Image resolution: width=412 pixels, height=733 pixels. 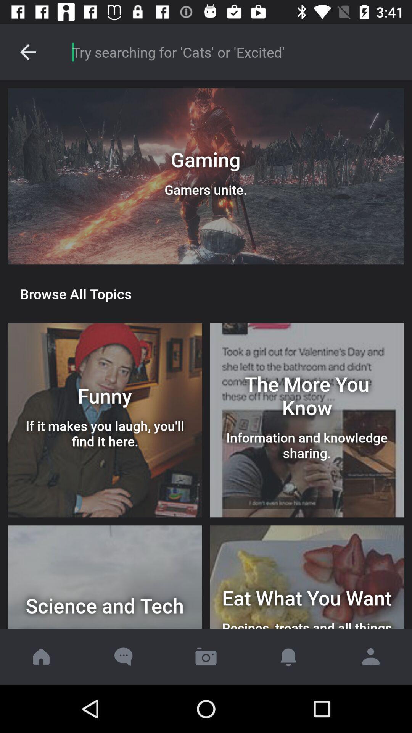 I want to click on search images, so click(x=233, y=52).